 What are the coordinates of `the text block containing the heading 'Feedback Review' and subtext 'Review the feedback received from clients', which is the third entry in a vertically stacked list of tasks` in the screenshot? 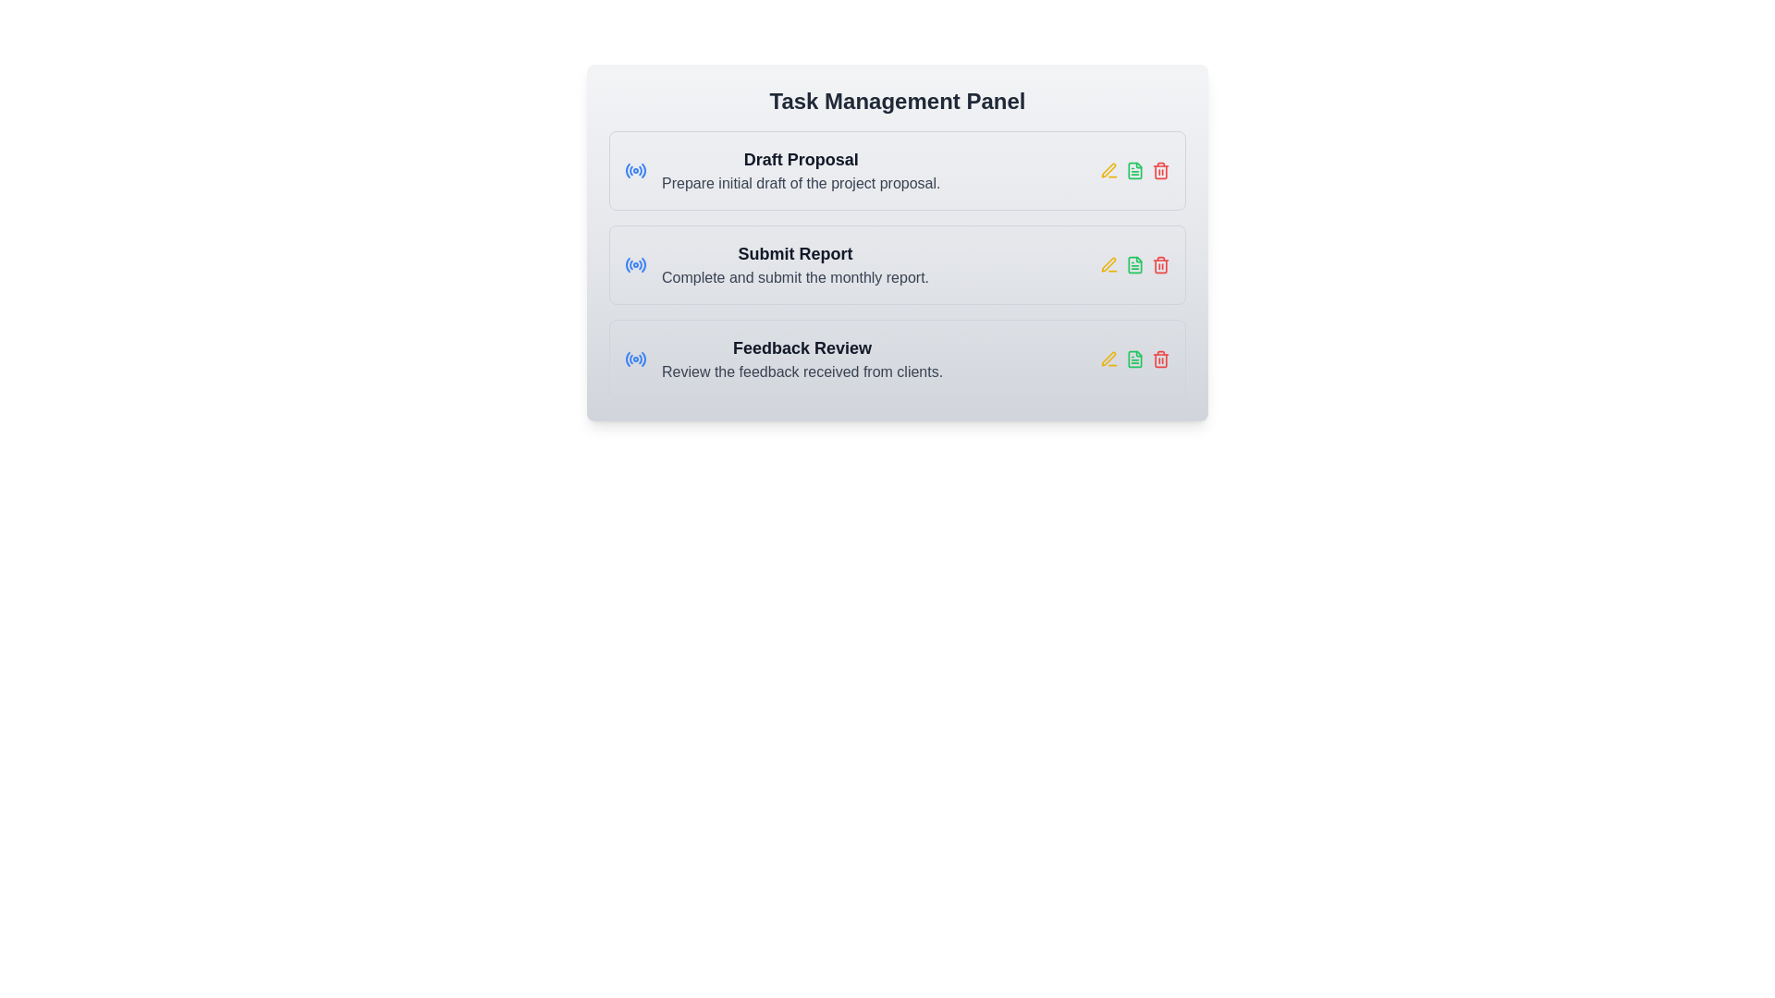 It's located at (784, 359).